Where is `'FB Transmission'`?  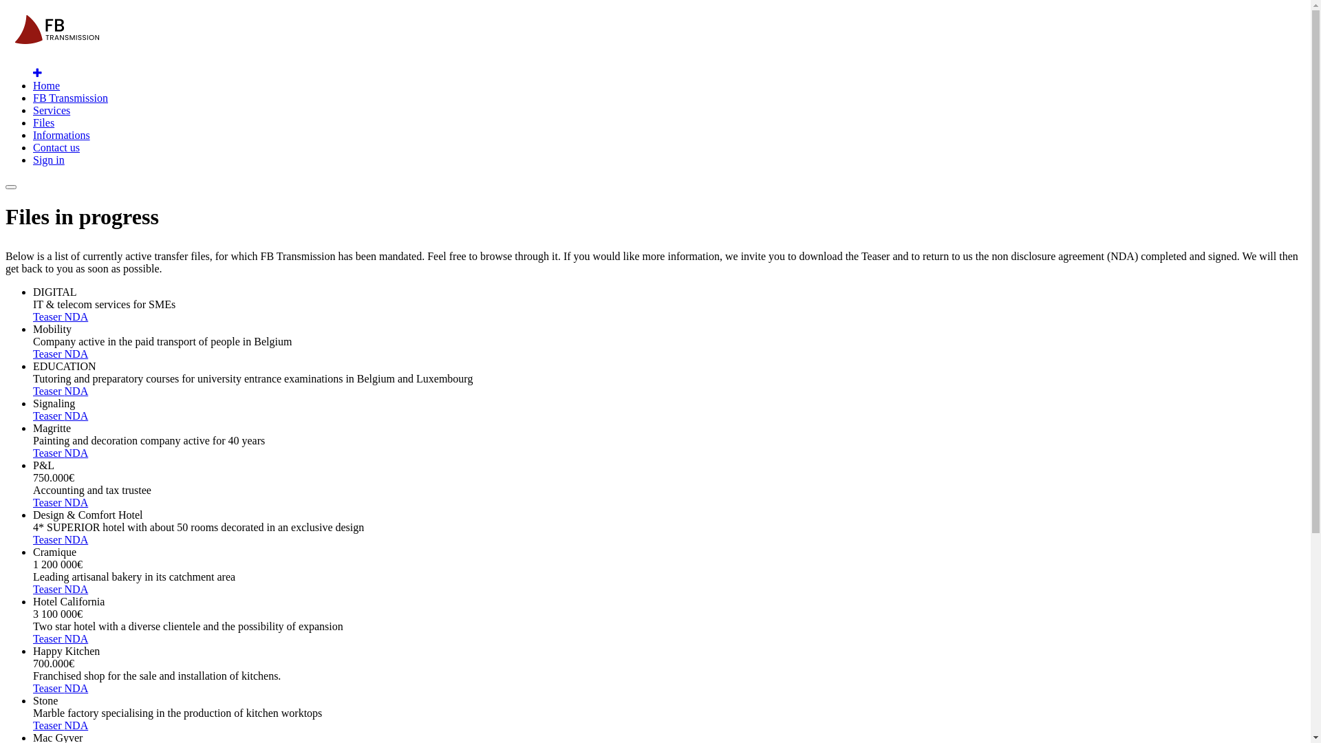
'FB Transmission' is located at coordinates (69, 97).